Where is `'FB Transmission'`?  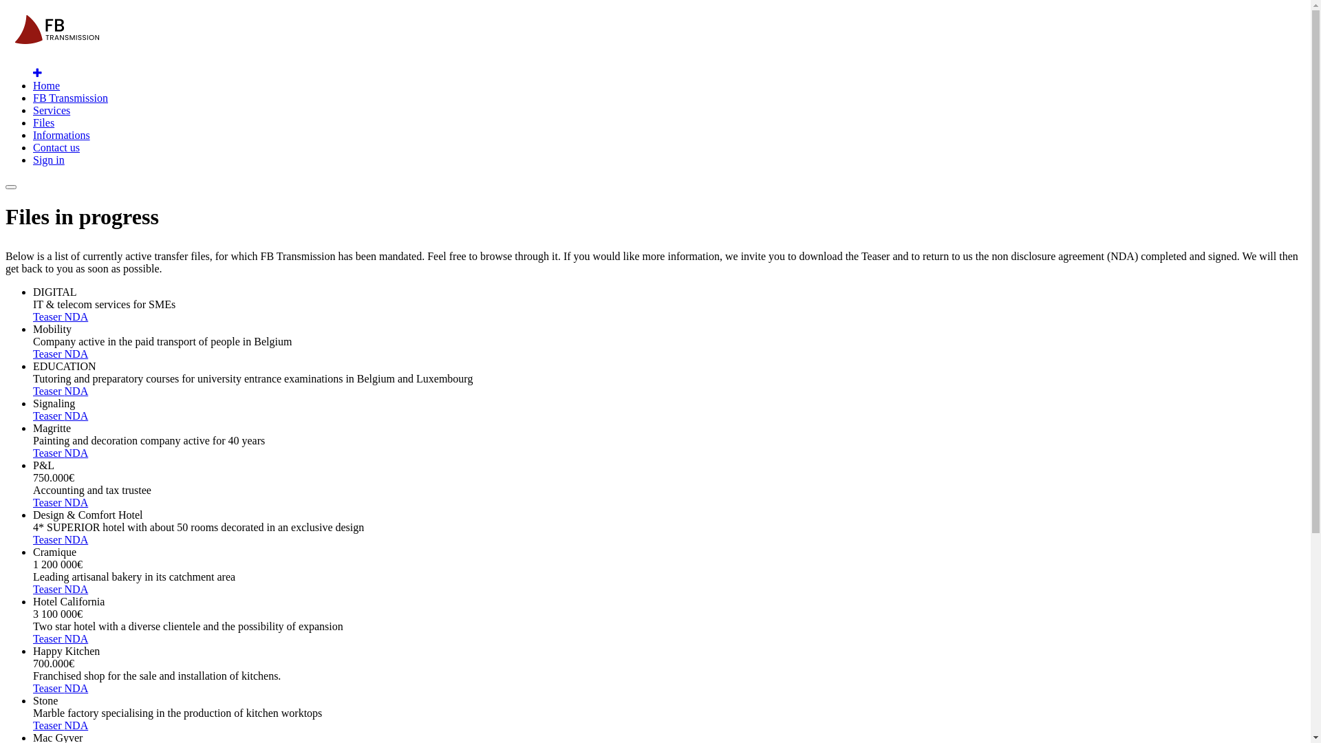
'FB Transmission' is located at coordinates (69, 97).